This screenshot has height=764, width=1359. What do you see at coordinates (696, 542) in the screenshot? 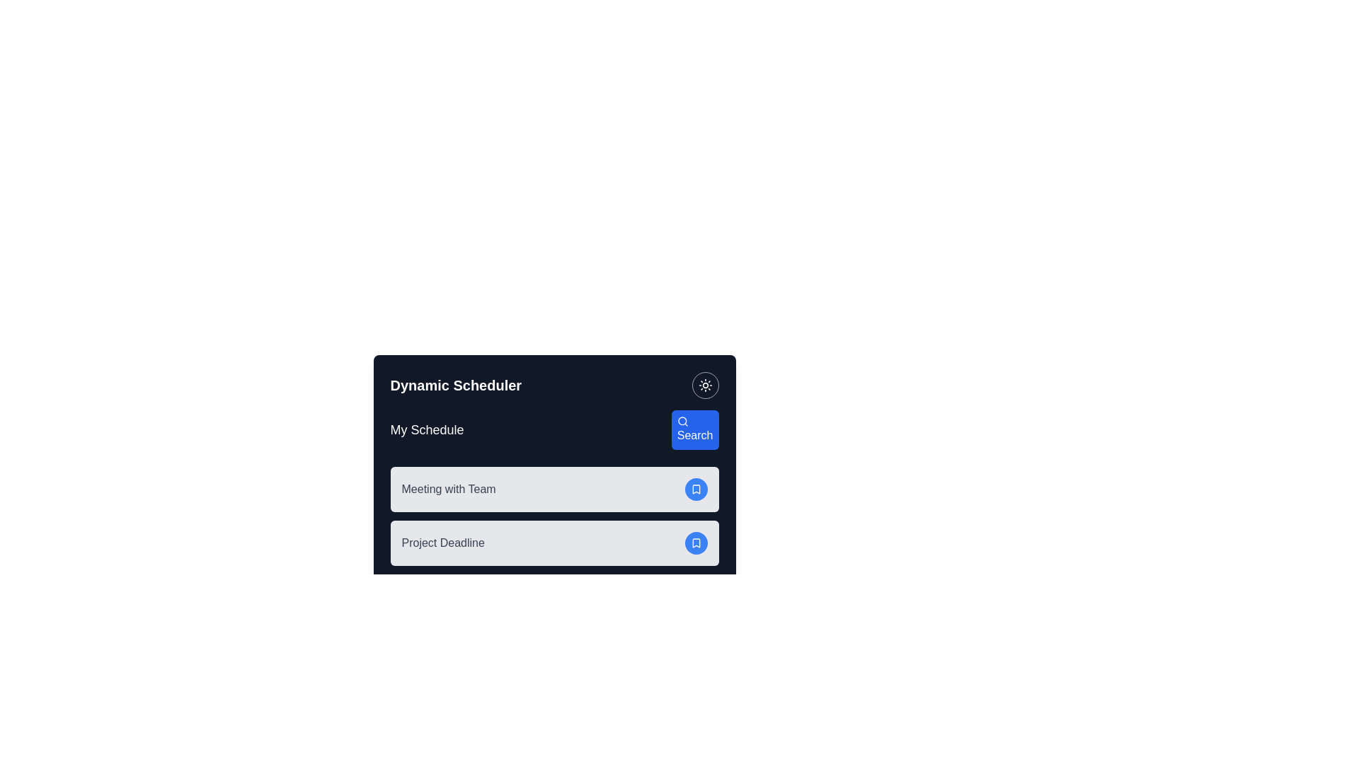
I see `the bookmark icon, which is an outlined graphic with pointed ends, filled with white and enclosed within a blue circular background, located at the far-right of the 'Project Deadline' list item` at bounding box center [696, 542].